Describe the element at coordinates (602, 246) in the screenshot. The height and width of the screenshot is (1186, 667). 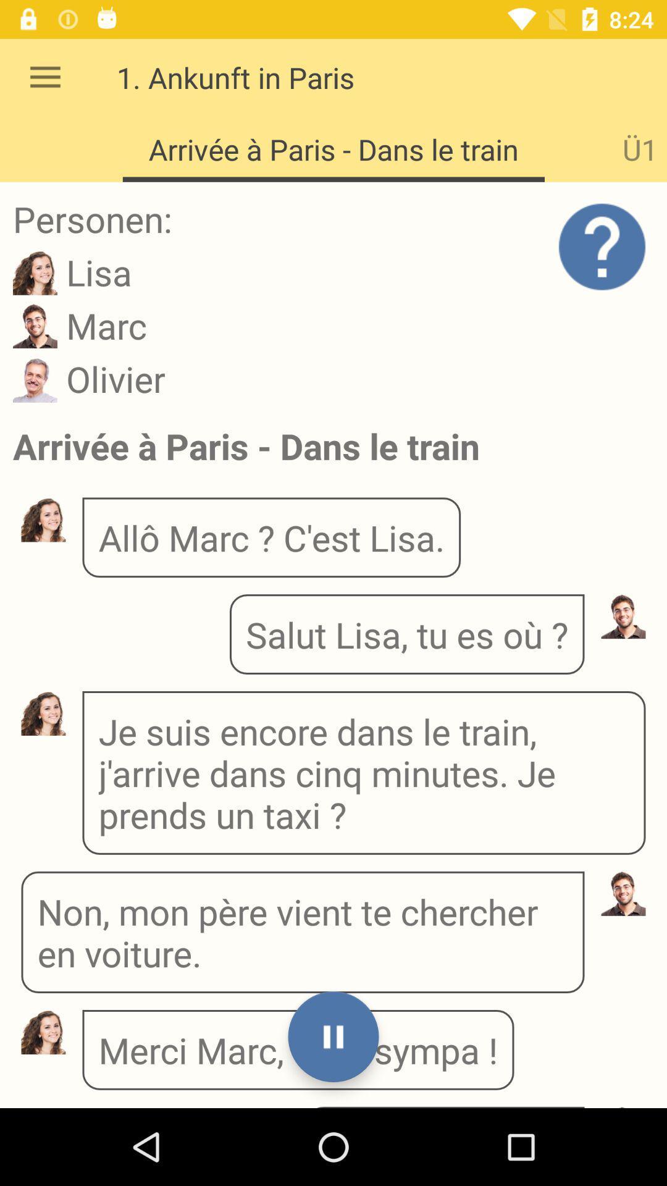
I see `the help icon` at that location.